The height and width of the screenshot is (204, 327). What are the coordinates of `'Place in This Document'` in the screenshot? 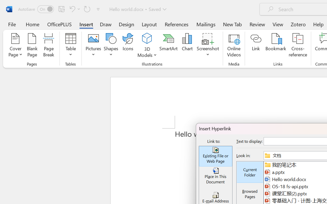 It's located at (216, 177).